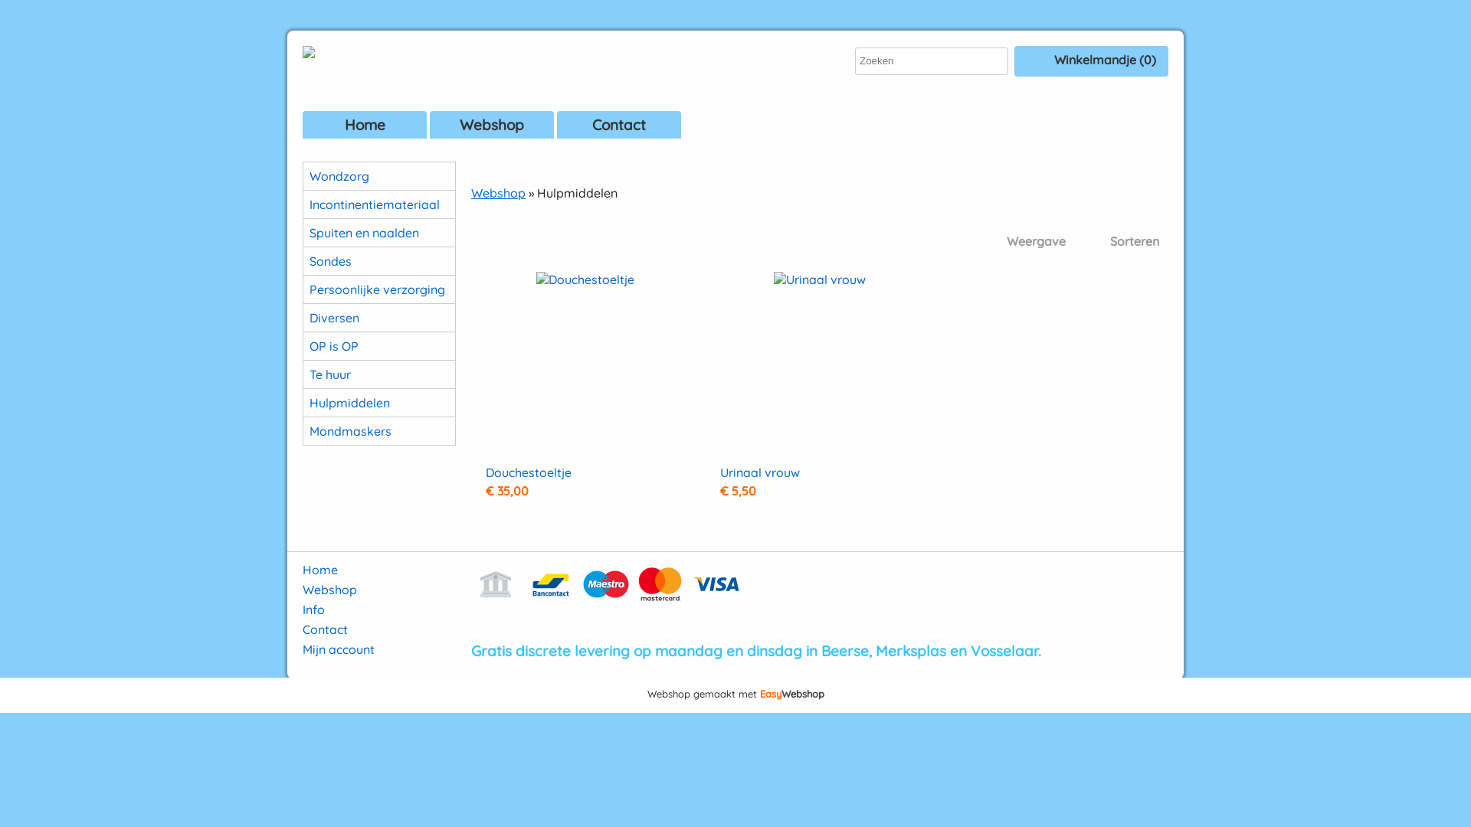  Describe the element at coordinates (378, 374) in the screenshot. I see `'Te huur'` at that location.